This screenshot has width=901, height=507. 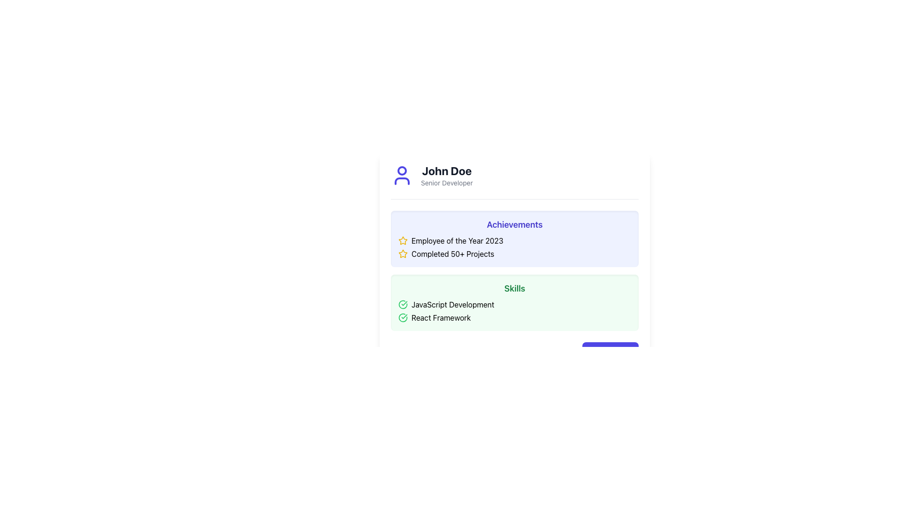 What do you see at coordinates (594, 351) in the screenshot?
I see `the cogwheel icon representing the 'Settings' functionality located within the 'Settings' button near the bottom-right of the interface` at bounding box center [594, 351].